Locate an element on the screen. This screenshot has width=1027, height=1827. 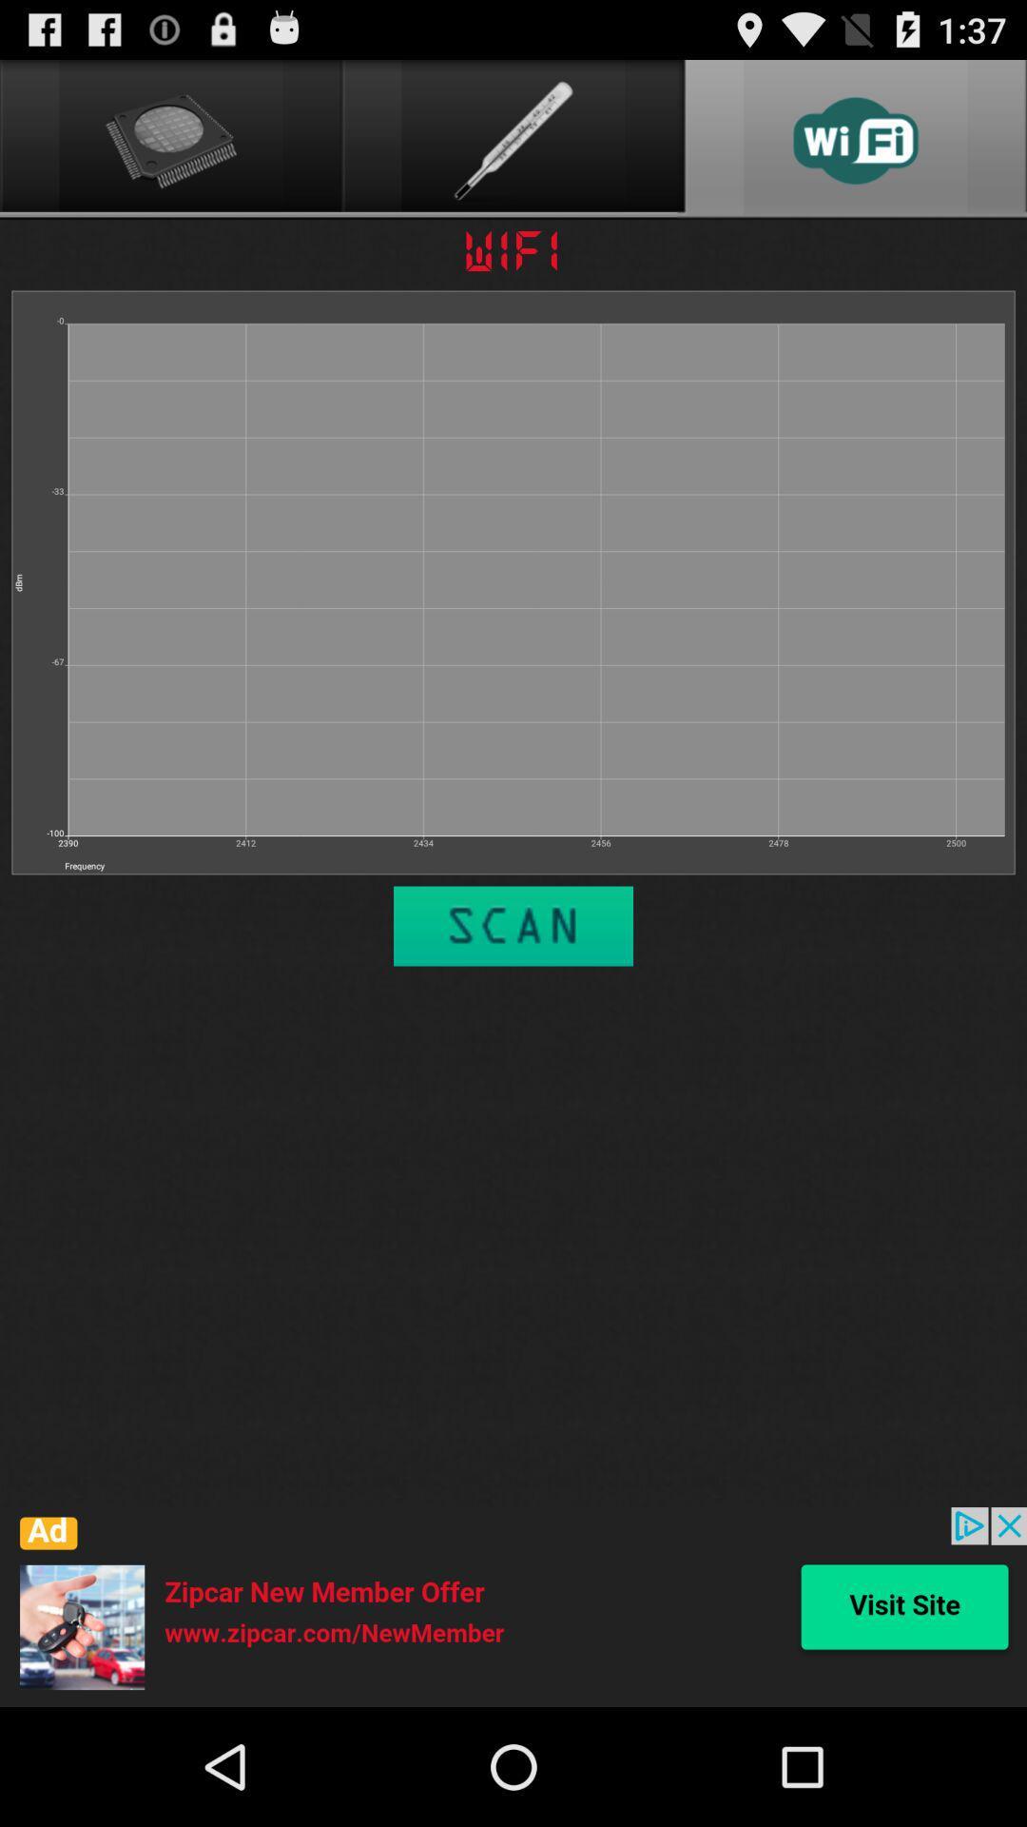
scan is located at coordinates (513, 926).